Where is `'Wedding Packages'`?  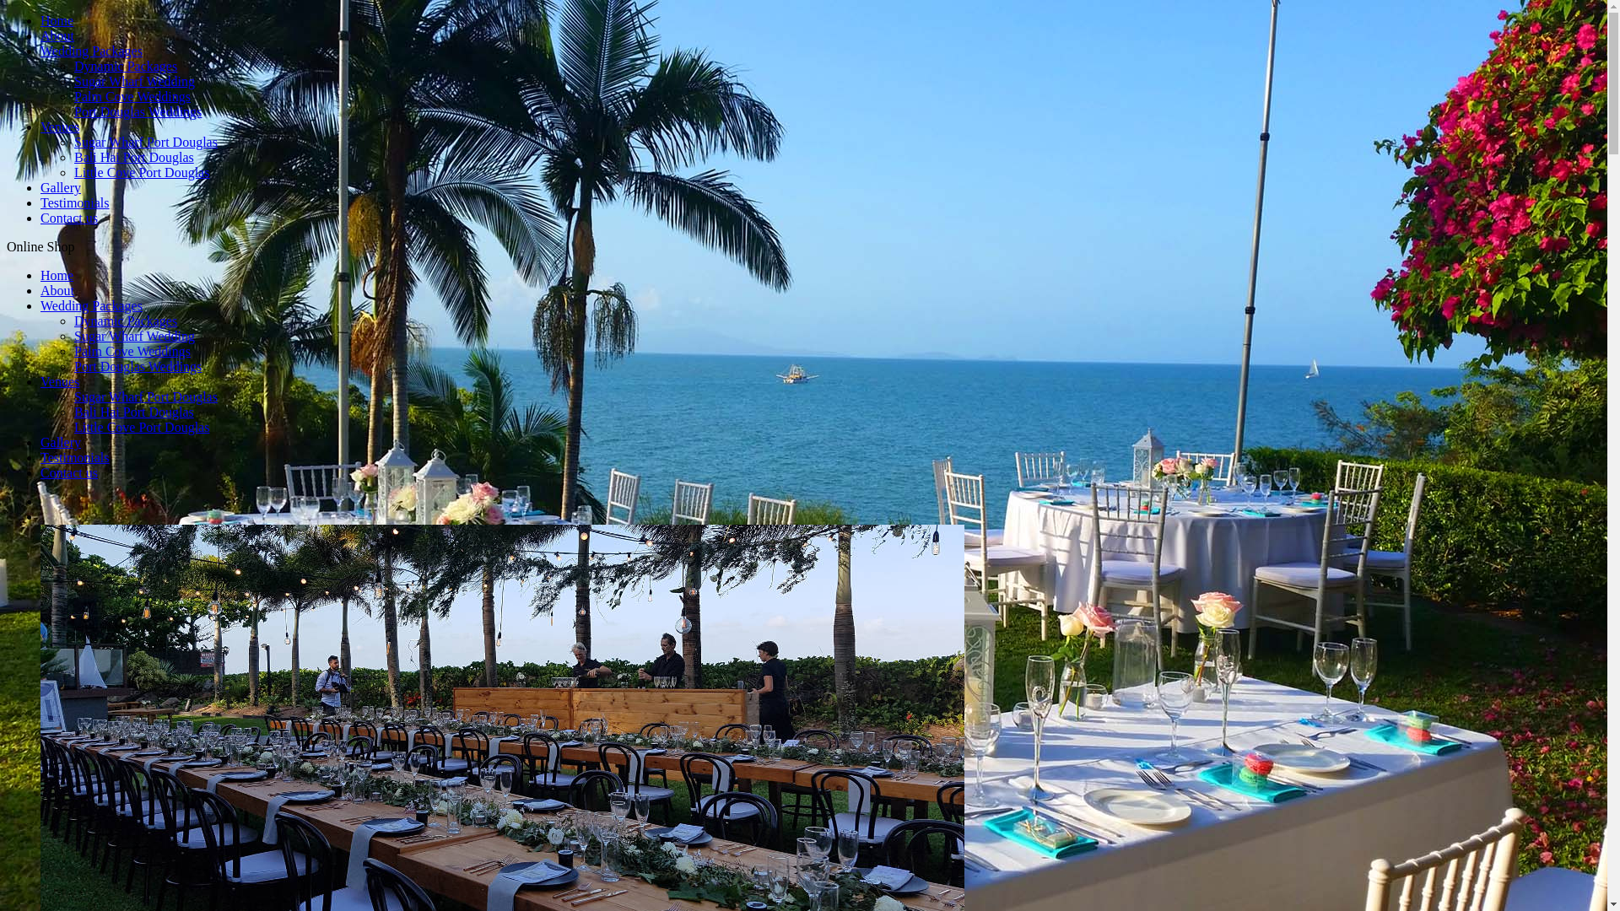
'Wedding Packages' is located at coordinates (90, 50).